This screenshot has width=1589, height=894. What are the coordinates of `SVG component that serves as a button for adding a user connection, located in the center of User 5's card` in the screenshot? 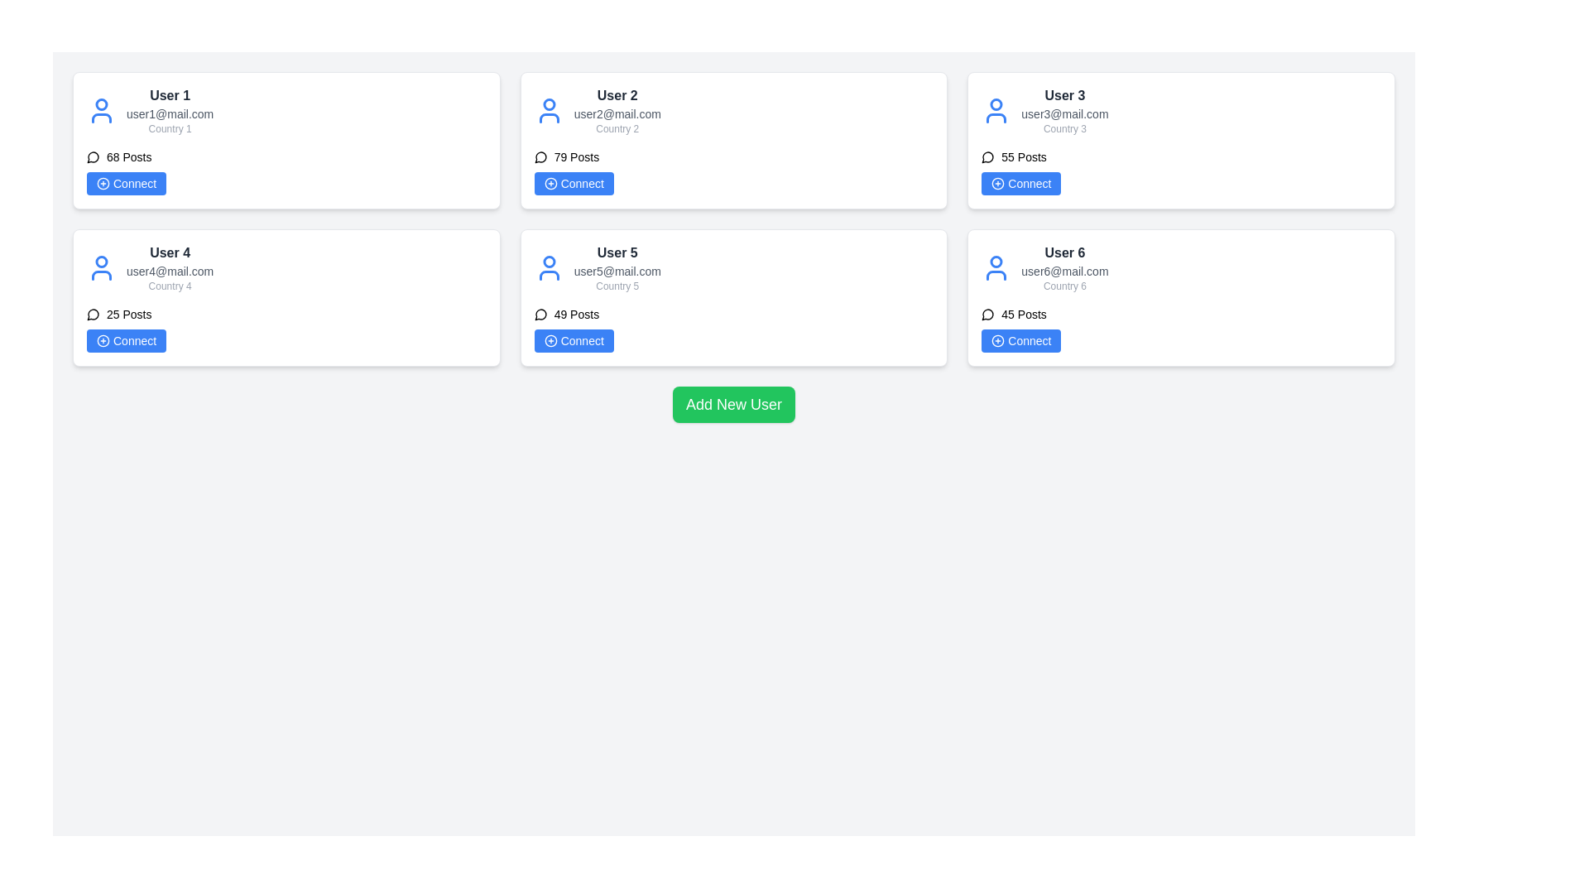 It's located at (550, 340).